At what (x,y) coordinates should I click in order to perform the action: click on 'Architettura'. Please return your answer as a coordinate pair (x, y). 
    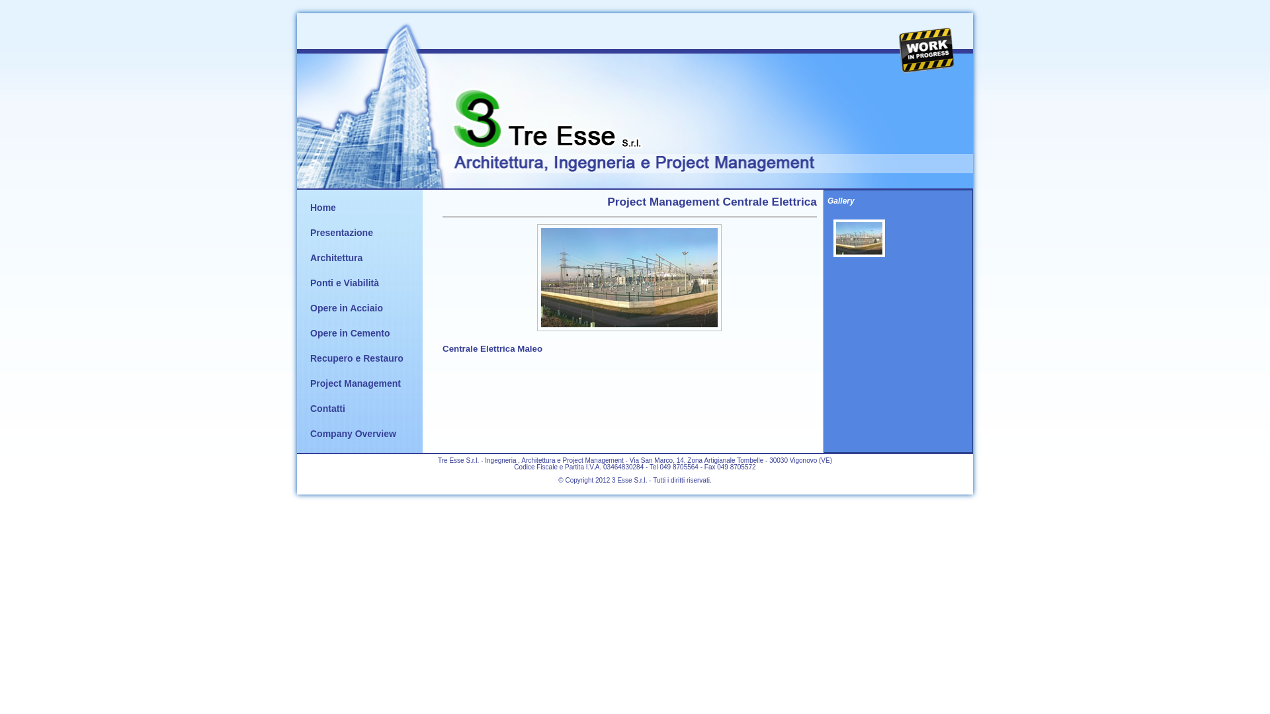
    Looking at the image, I should click on (336, 257).